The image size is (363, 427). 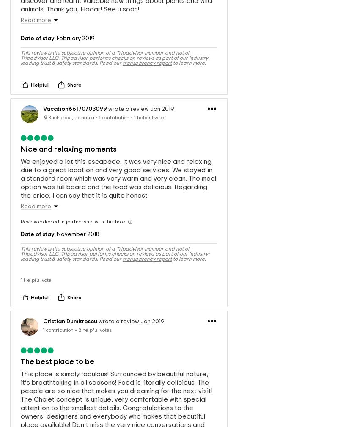 What do you see at coordinates (20, 140) in the screenshot?
I see `'Nice and relaxing moments'` at bounding box center [20, 140].